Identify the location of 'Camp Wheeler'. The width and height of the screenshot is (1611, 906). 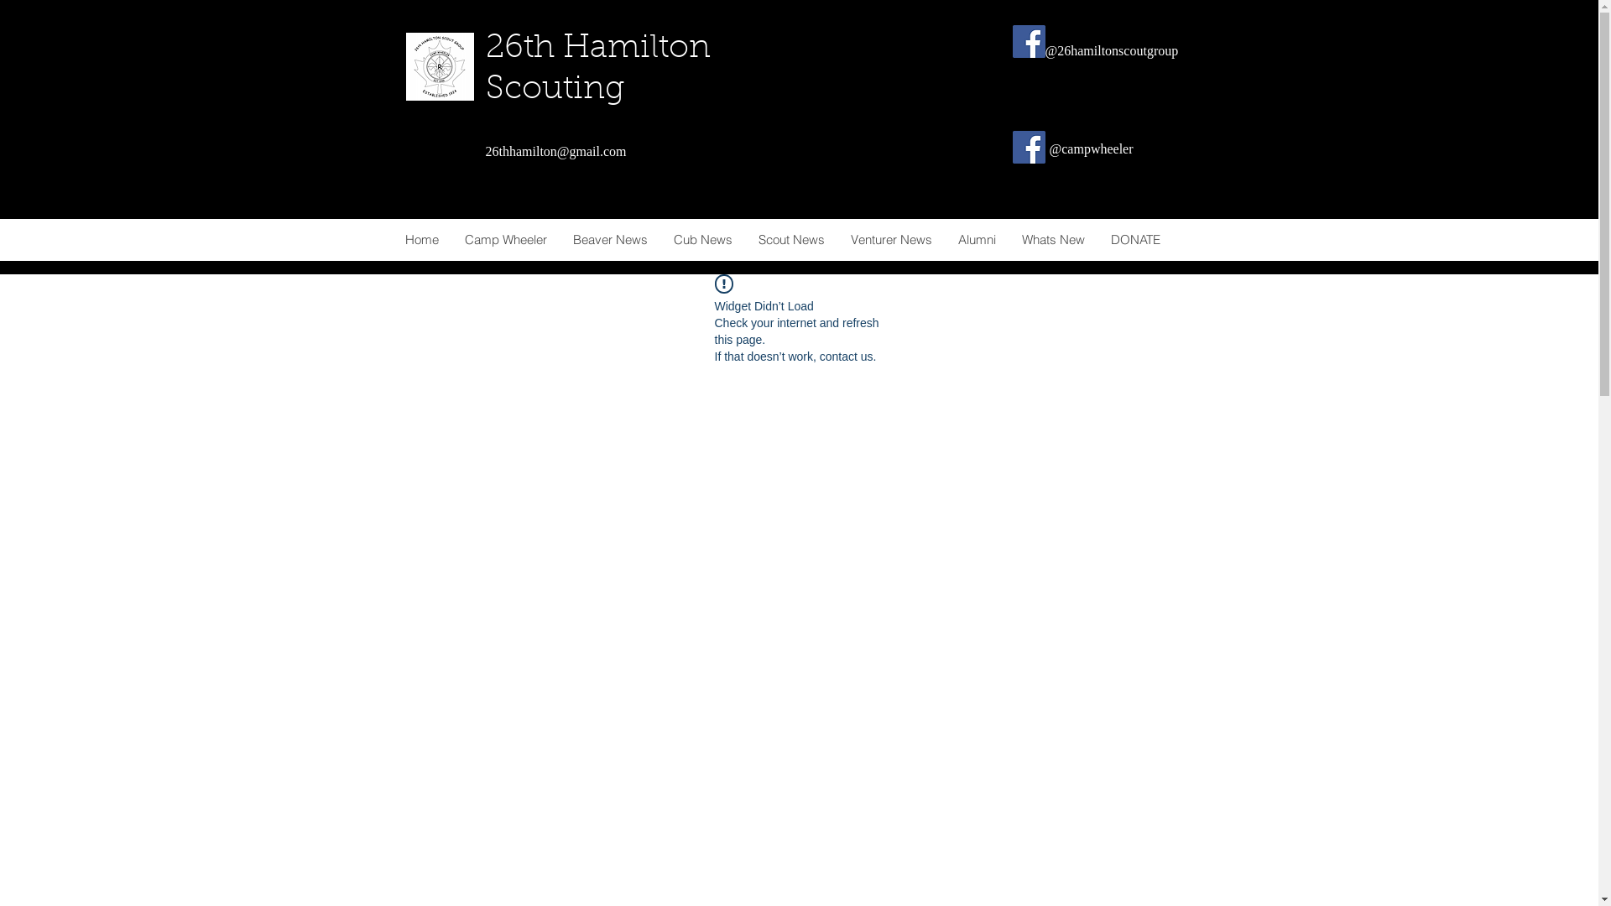
(451, 239).